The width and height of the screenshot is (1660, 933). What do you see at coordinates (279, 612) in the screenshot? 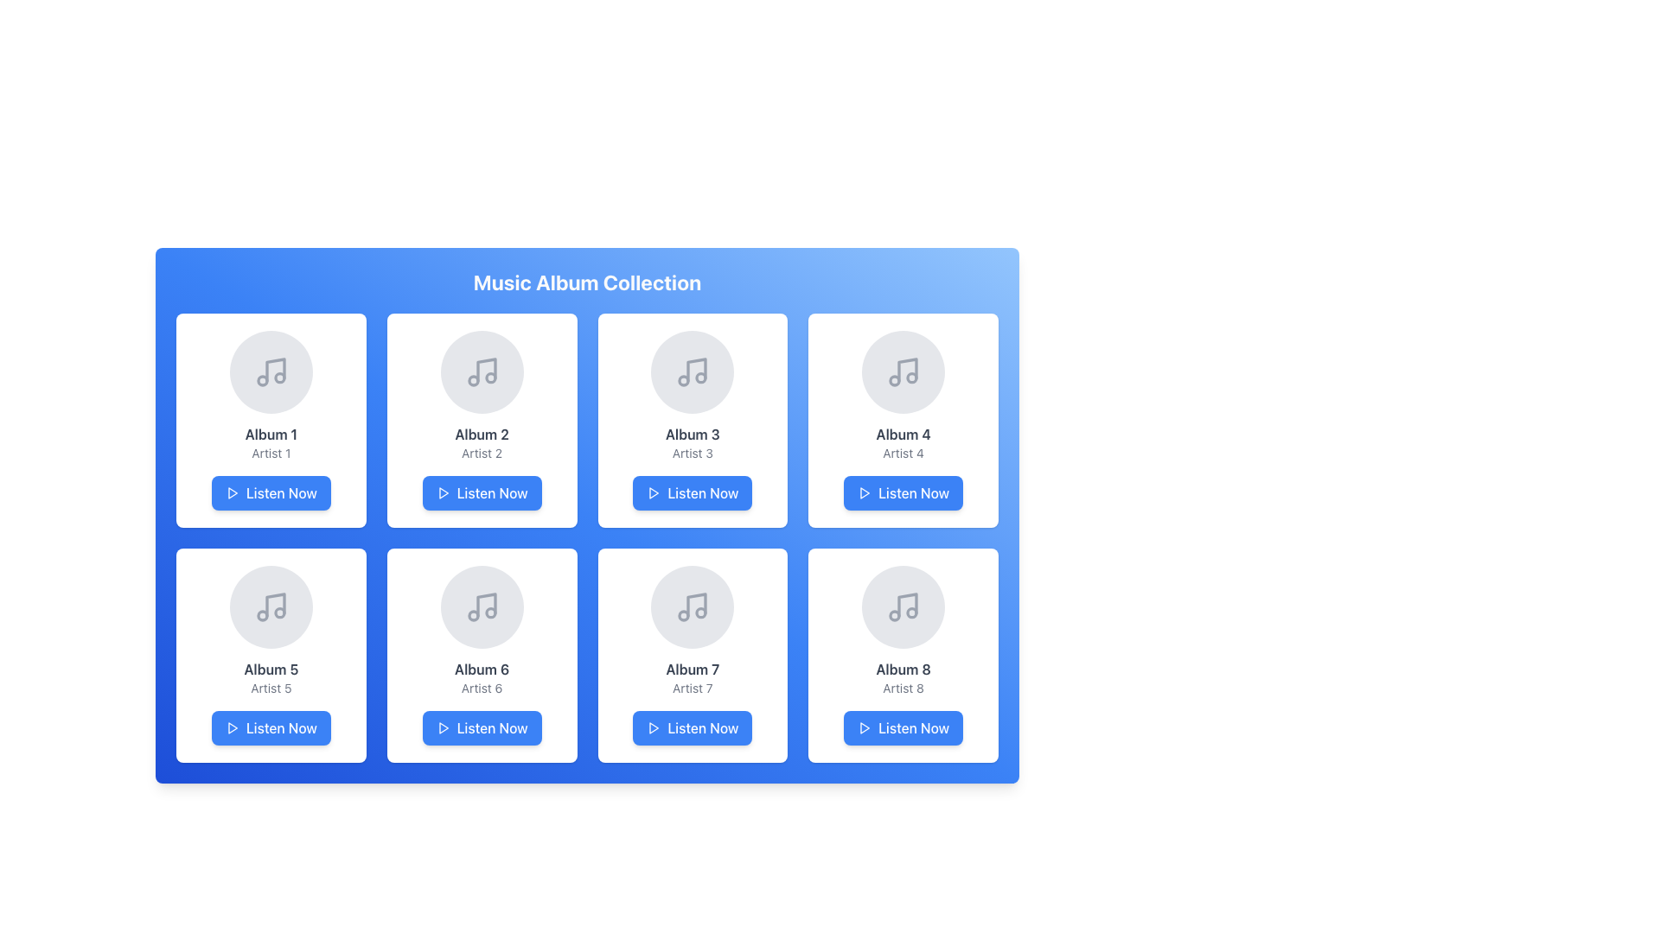
I see `the rightmost small circle of the music note icon located at the top-right corner of the Album 5 card in the album grid` at bounding box center [279, 612].